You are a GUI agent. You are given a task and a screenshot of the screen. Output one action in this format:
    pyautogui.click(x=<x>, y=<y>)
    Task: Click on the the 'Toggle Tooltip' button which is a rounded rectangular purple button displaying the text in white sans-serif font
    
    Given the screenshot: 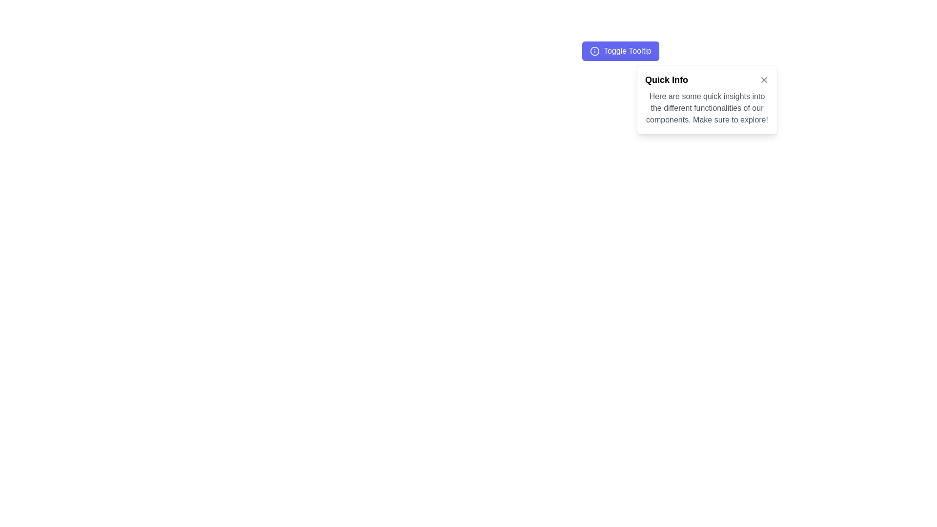 What is the action you would take?
    pyautogui.click(x=627, y=51)
    